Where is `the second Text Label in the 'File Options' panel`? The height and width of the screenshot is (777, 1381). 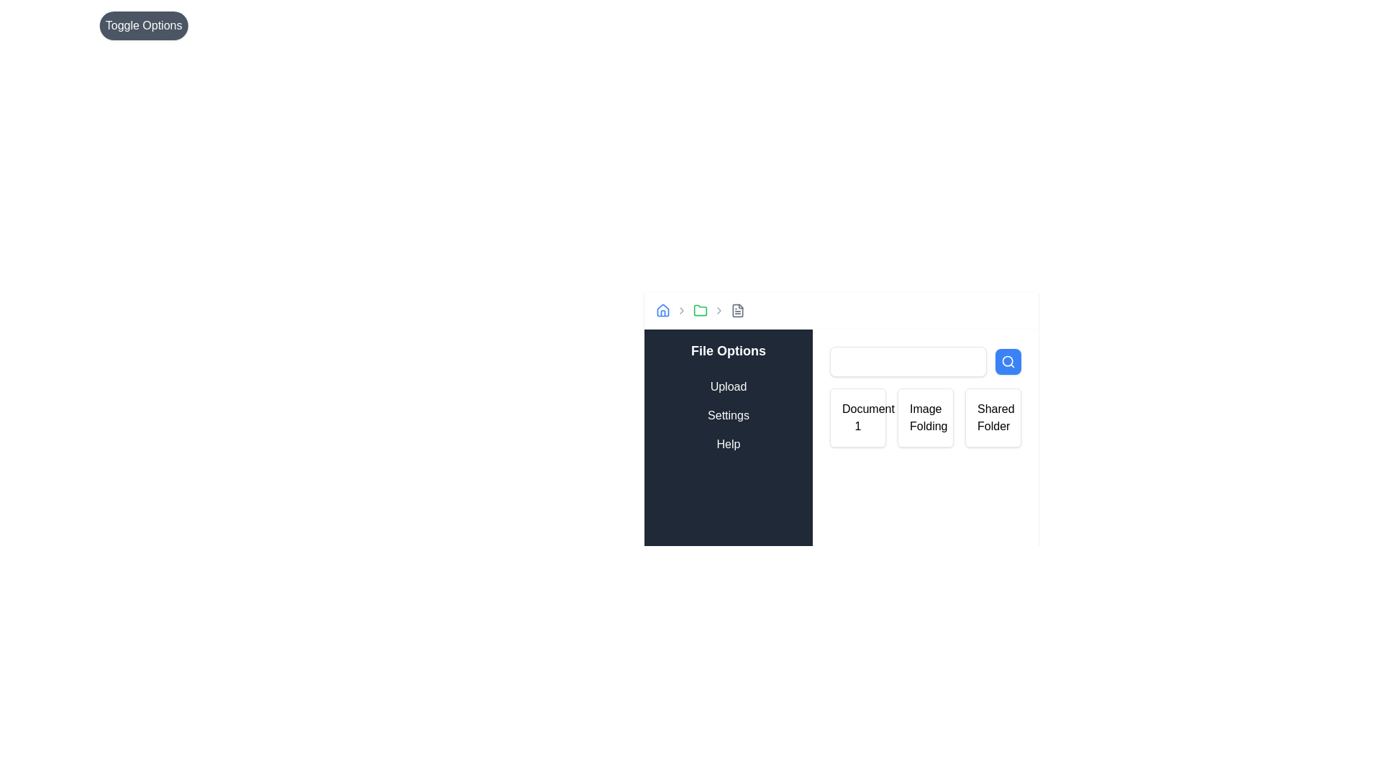
the second Text Label in the 'File Options' panel is located at coordinates (728, 416).